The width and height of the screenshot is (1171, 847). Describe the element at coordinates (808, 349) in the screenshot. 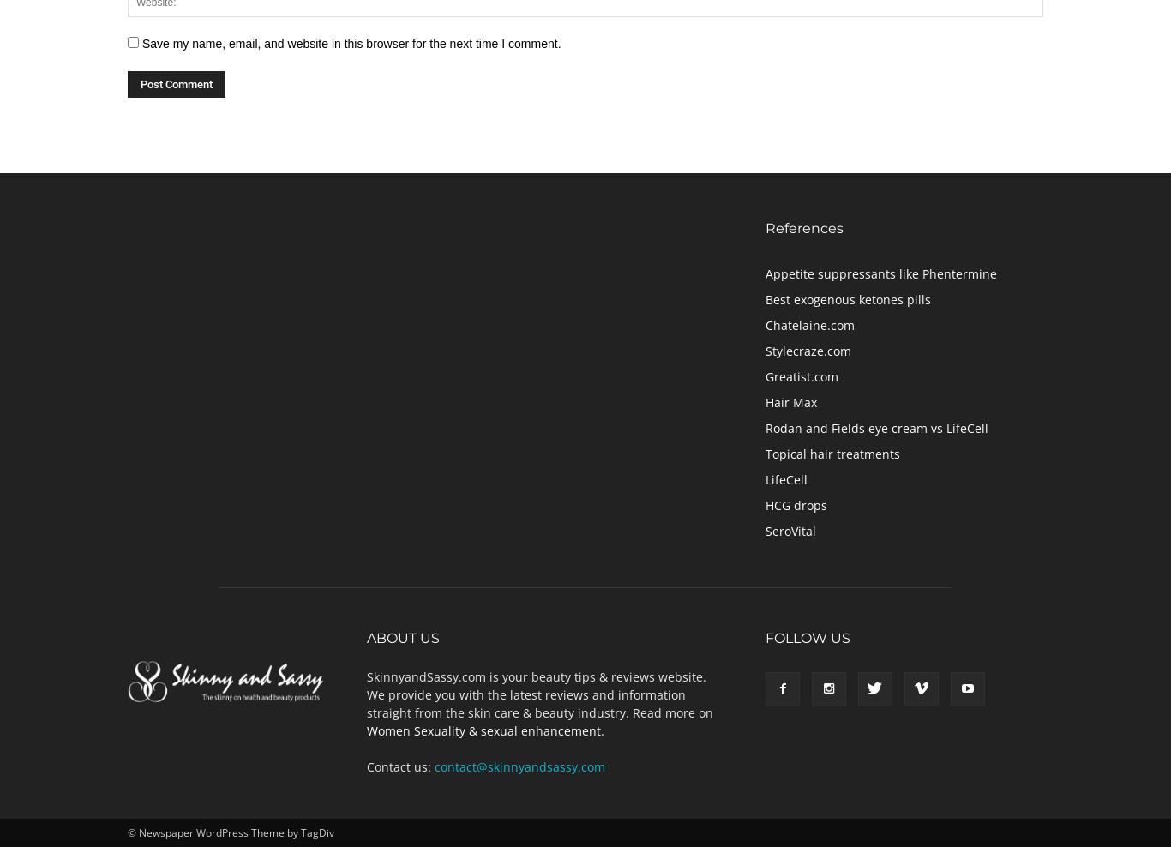

I see `'Stylecraze.com'` at that location.